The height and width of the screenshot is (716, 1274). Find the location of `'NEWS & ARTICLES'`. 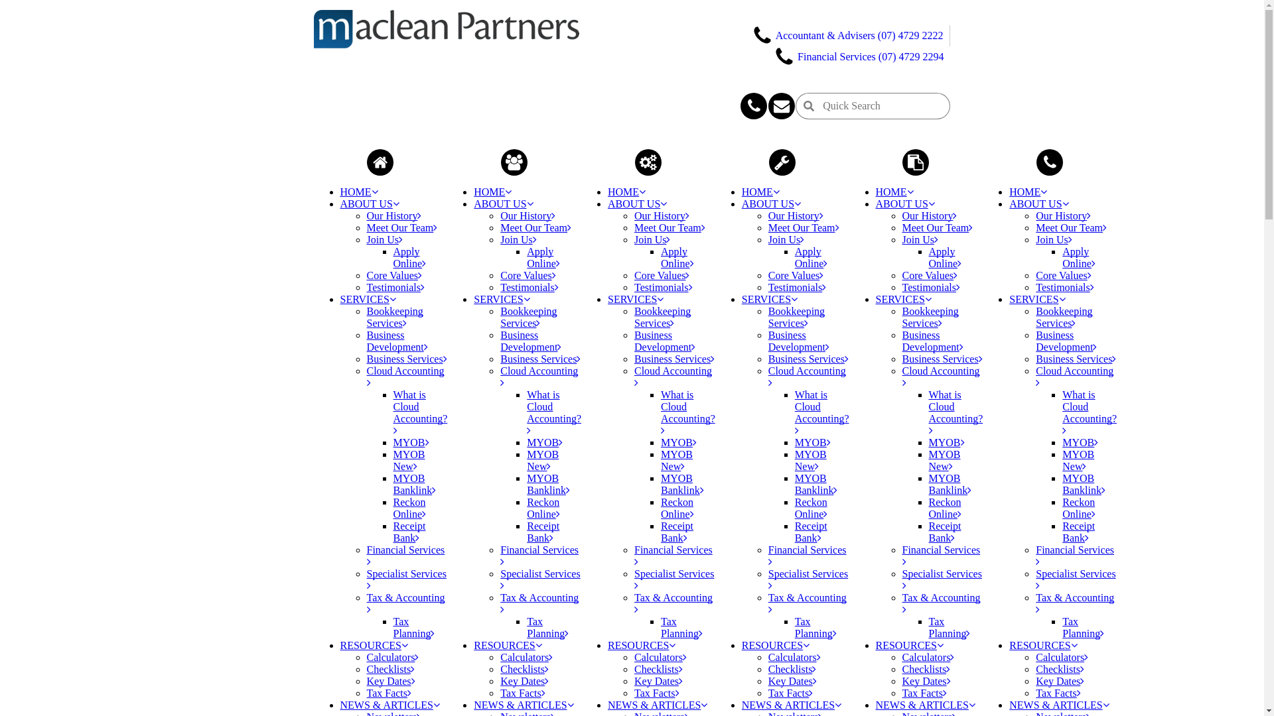

'NEWS & ARTICLES' is located at coordinates (1058, 704).